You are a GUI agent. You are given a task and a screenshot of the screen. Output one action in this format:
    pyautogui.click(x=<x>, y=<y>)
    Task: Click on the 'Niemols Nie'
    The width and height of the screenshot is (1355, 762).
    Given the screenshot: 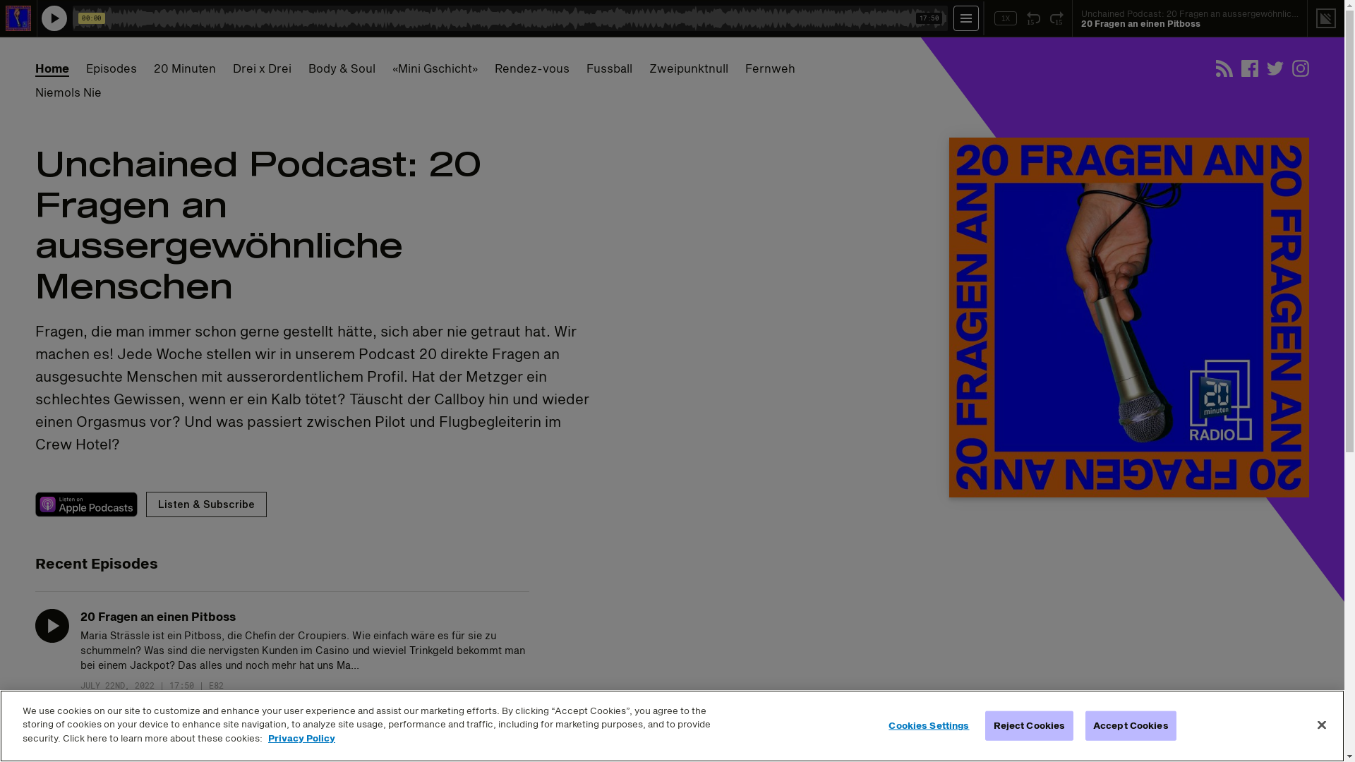 What is the action you would take?
    pyautogui.click(x=67, y=92)
    